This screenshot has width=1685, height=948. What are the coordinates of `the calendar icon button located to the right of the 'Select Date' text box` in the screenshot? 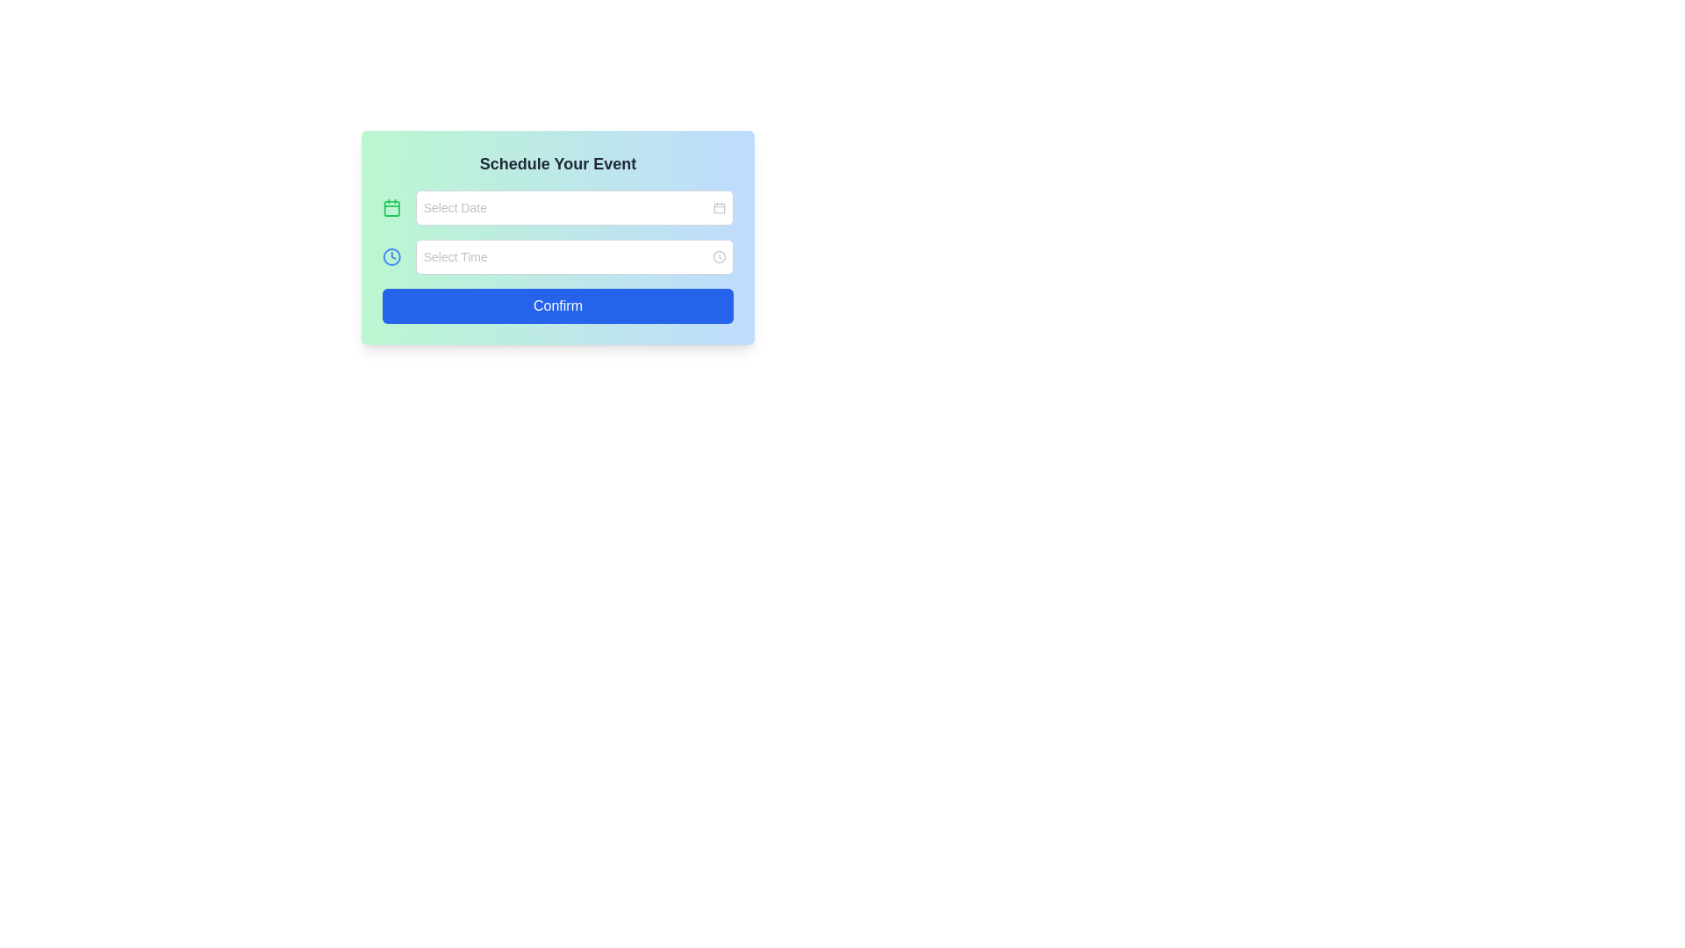 It's located at (720, 206).